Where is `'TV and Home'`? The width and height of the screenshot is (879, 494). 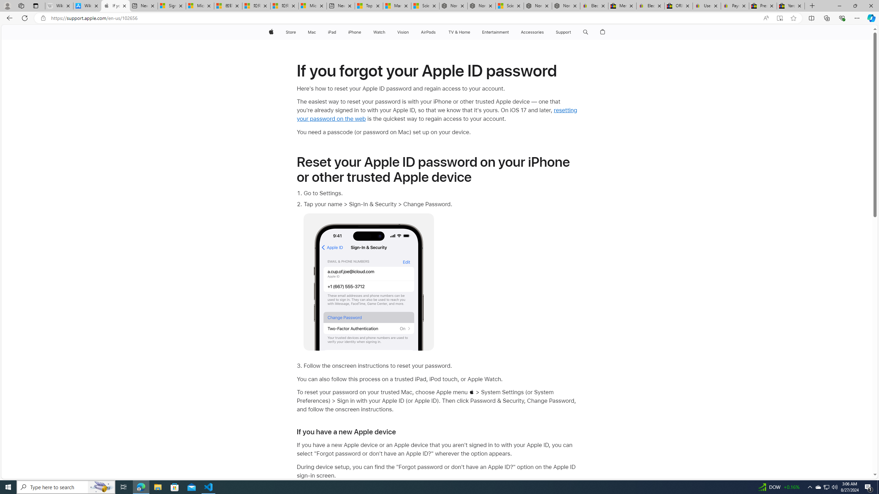 'TV and Home' is located at coordinates (459, 32).